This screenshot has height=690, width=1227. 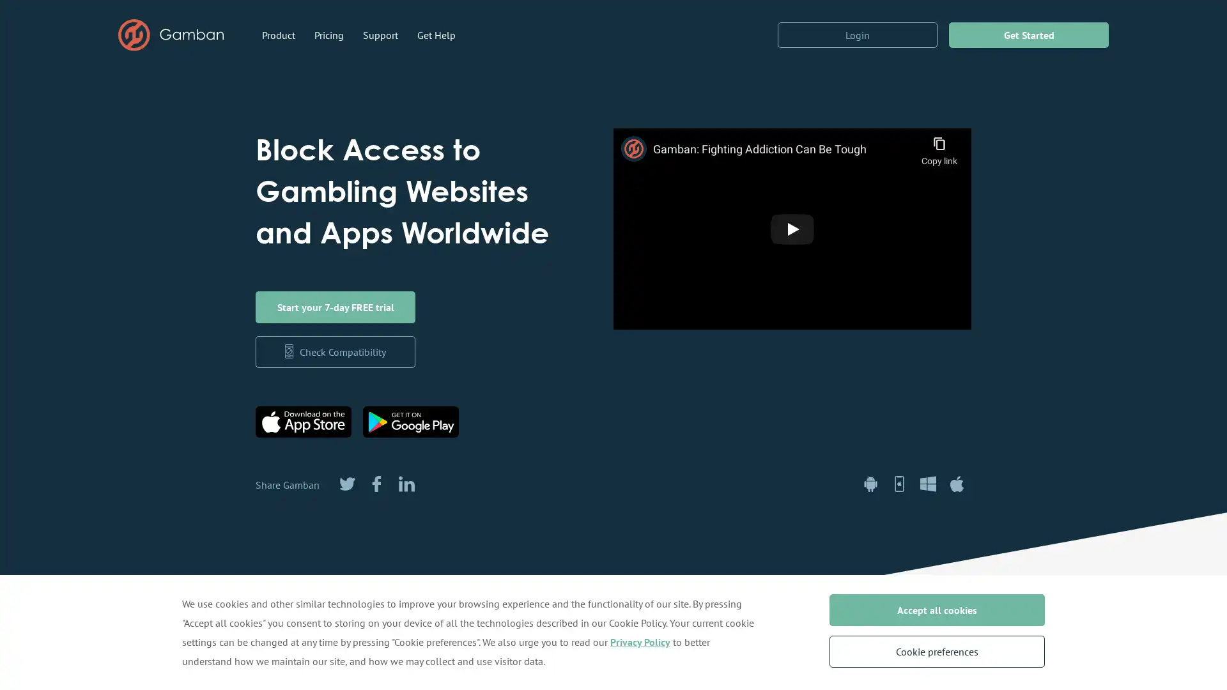 I want to click on Accept all cookies, so click(x=936, y=609).